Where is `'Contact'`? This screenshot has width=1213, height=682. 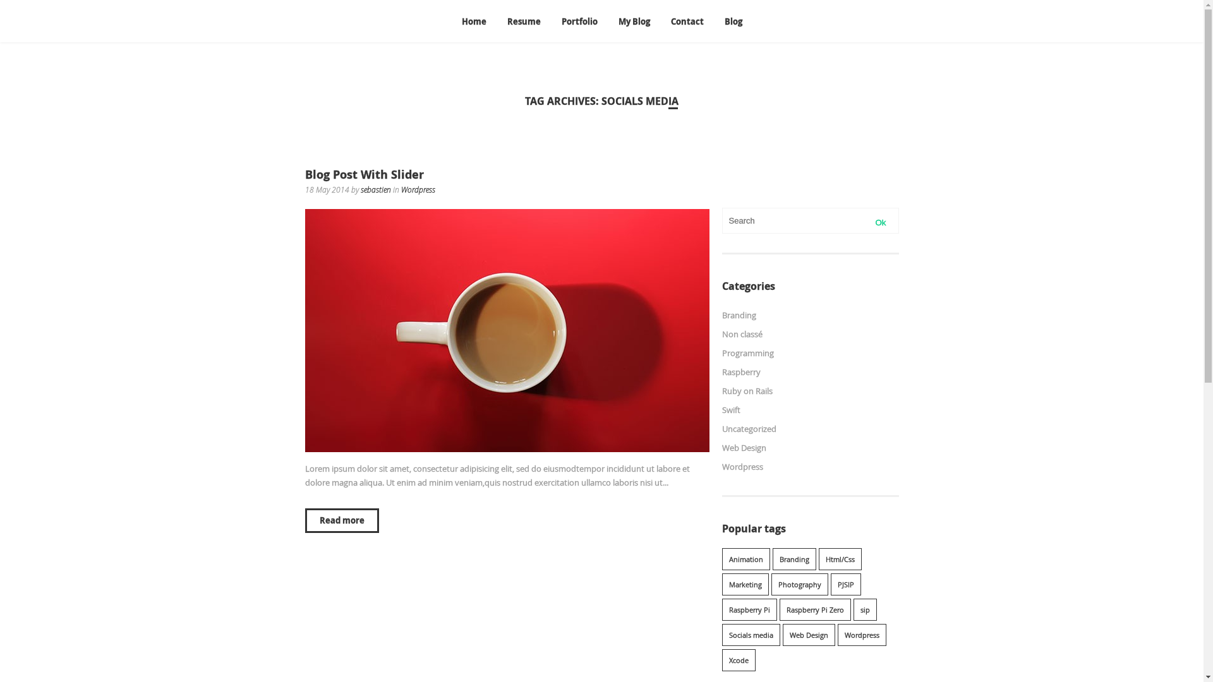 'Contact' is located at coordinates (685, 21).